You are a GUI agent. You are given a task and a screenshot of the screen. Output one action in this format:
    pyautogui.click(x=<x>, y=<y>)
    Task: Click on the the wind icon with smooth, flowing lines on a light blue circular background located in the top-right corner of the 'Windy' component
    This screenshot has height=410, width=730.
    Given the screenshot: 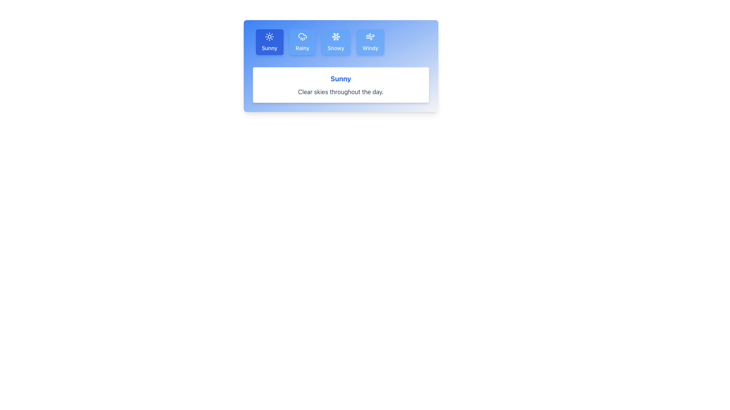 What is the action you would take?
    pyautogui.click(x=370, y=36)
    